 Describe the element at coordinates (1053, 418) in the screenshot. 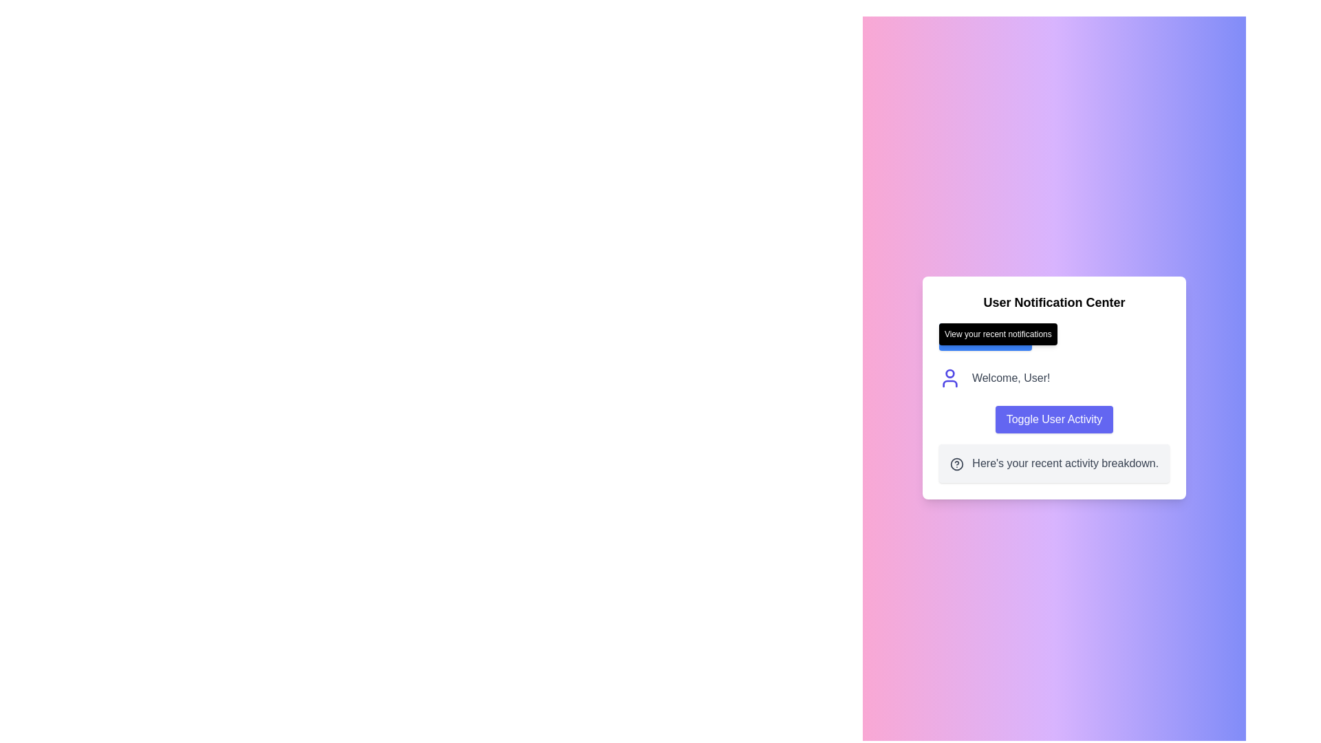

I see `the 'Toggle User Activity' button with a vibrant indigo background` at that location.